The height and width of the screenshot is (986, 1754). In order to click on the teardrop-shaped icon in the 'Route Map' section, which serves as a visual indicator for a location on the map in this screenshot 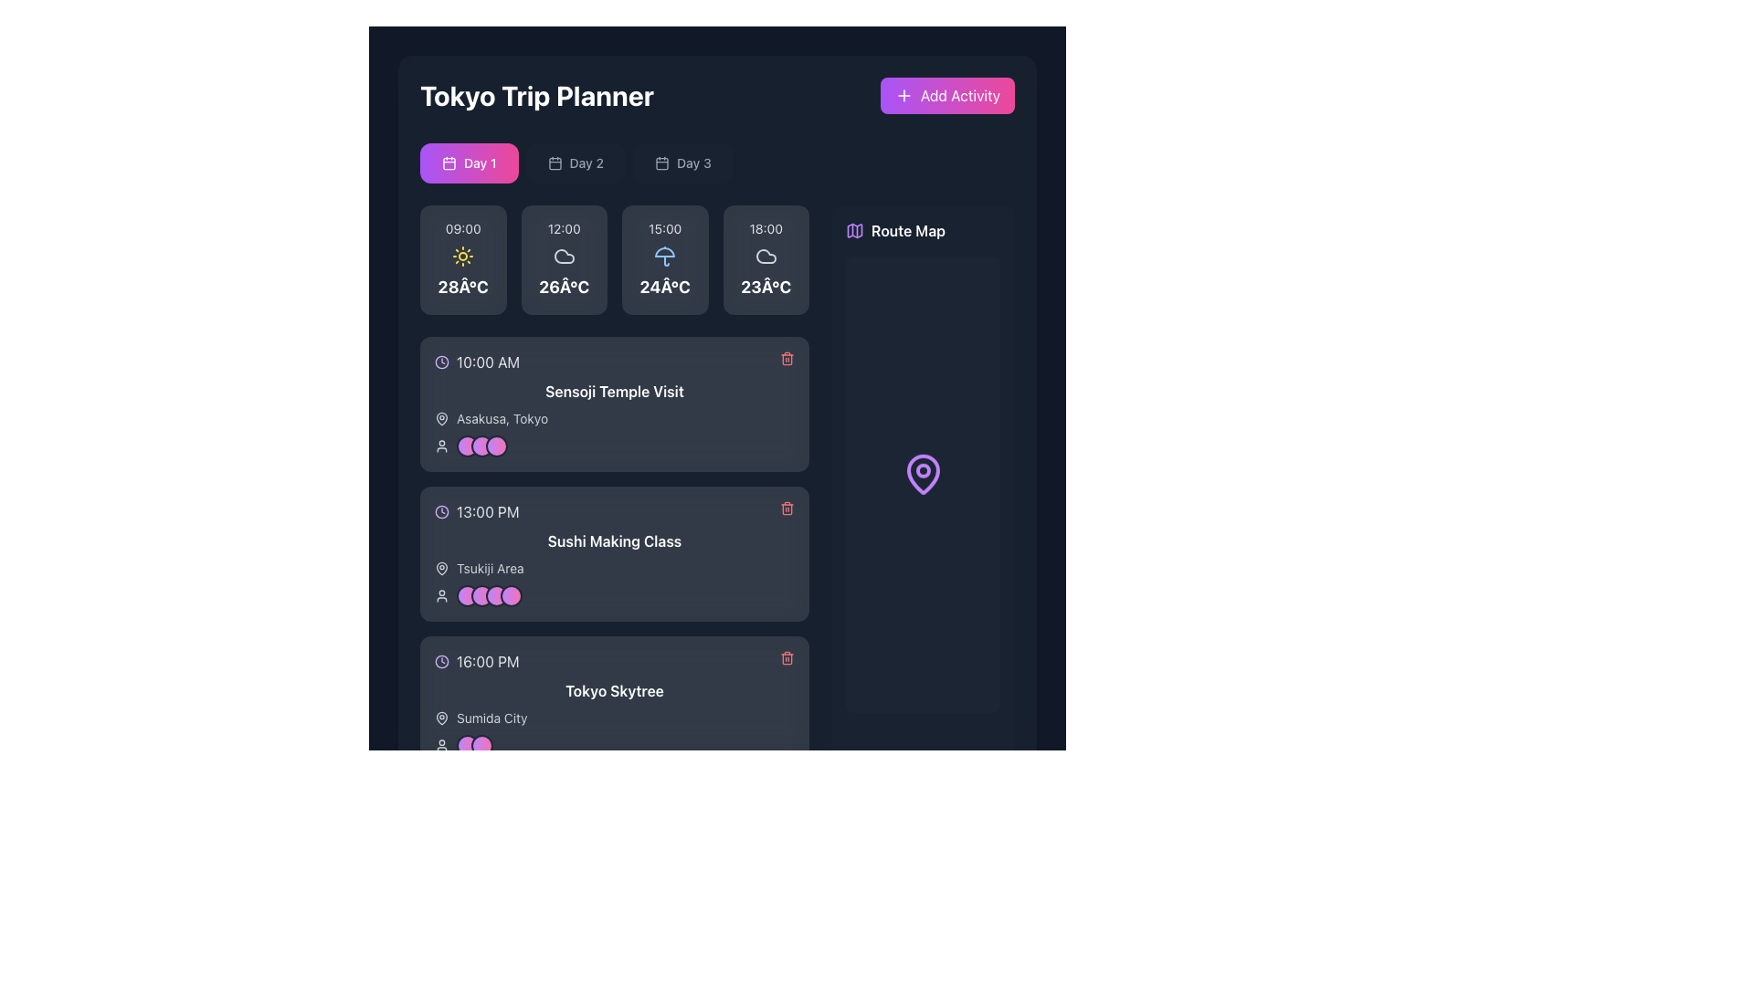, I will do `click(923, 474)`.